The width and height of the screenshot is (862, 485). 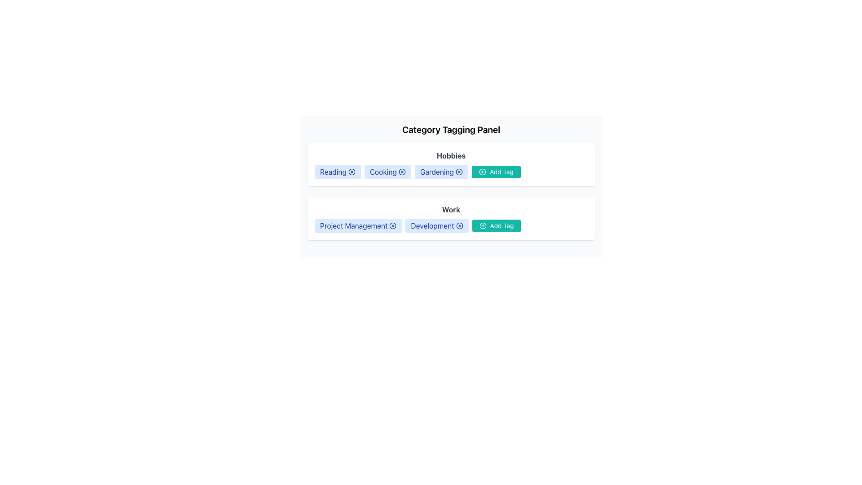 What do you see at coordinates (482, 225) in the screenshot?
I see `the circular outline of the '+' icon within the 'Add Tag' button located under the 'Work' category` at bounding box center [482, 225].